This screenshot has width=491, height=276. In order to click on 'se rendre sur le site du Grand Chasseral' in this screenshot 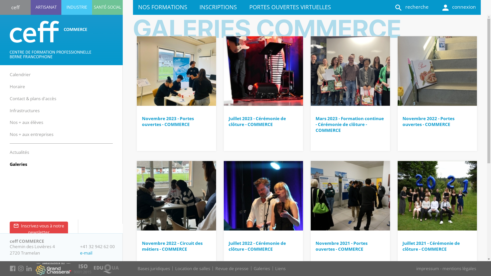, I will do `click(53, 267)`.